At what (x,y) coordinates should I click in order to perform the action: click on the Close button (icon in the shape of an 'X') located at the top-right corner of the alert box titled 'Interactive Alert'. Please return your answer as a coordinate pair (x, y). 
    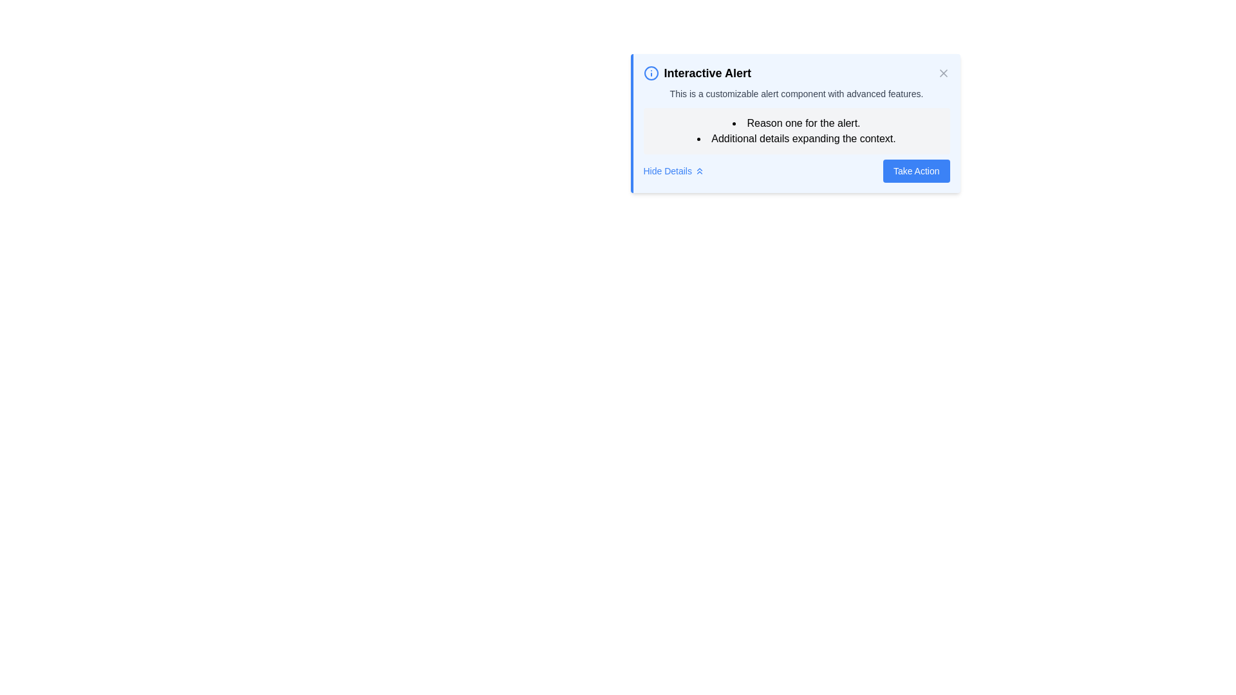
    Looking at the image, I should click on (943, 73).